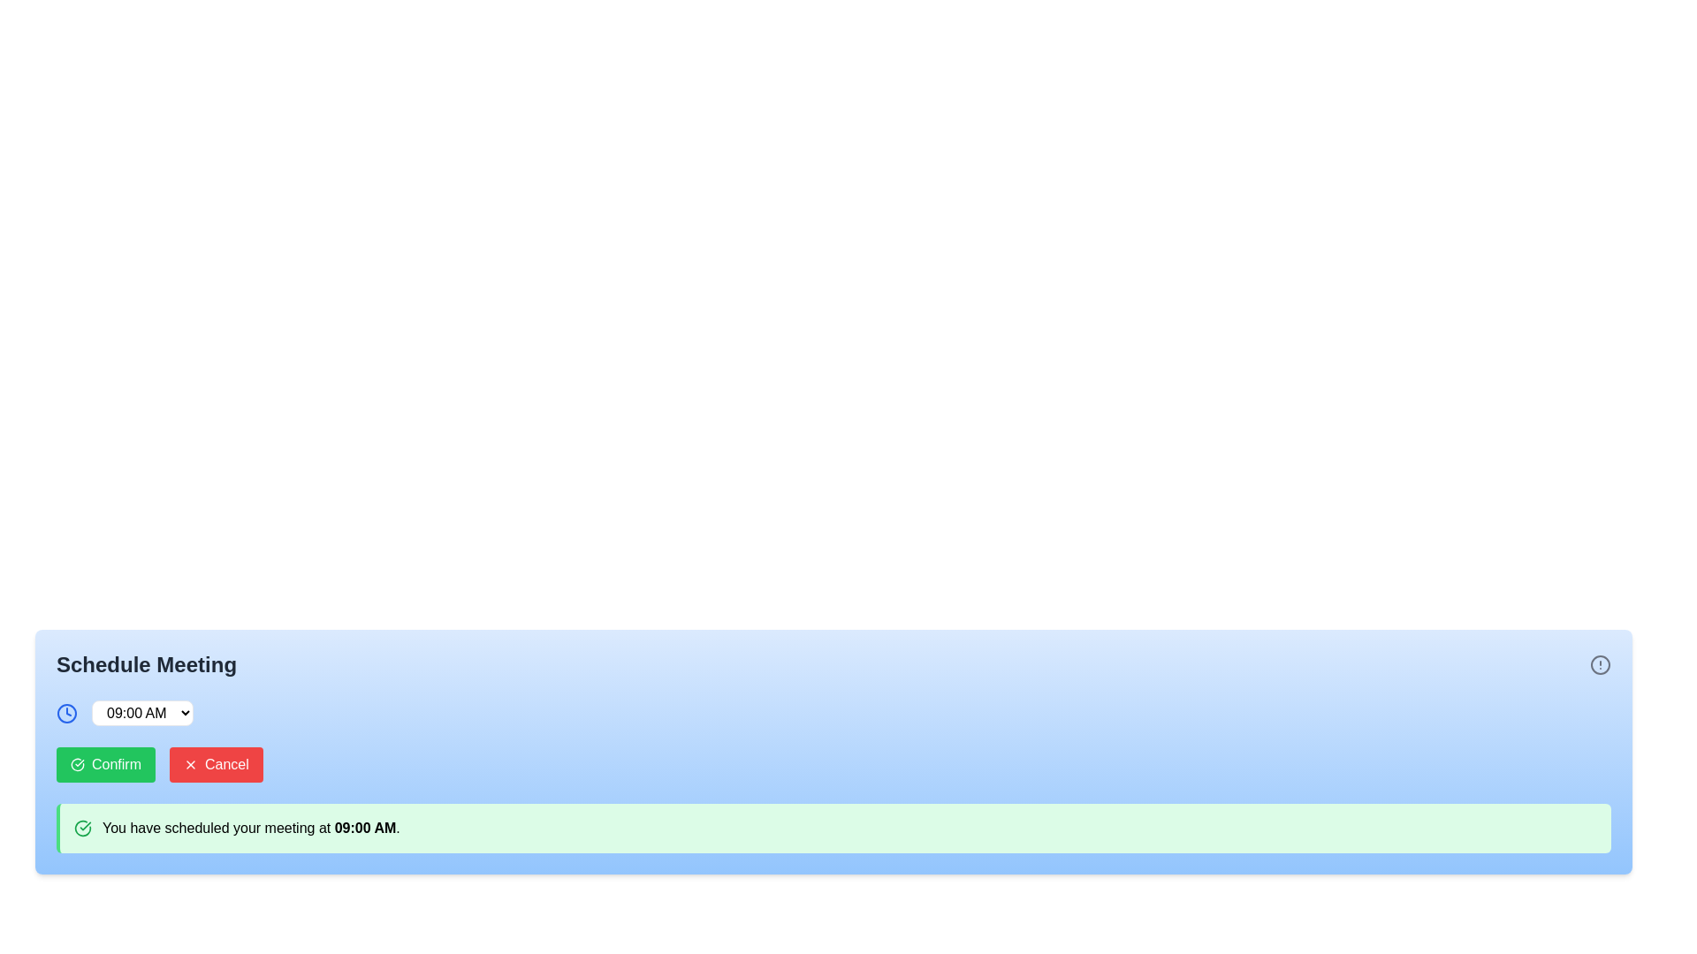  What do you see at coordinates (82, 828) in the screenshot?
I see `the green circular icon with a white background and a check mark inside, located next to the message text in the notification bar that says 'You have scheduled your meeting at 09:00 AM.'` at bounding box center [82, 828].